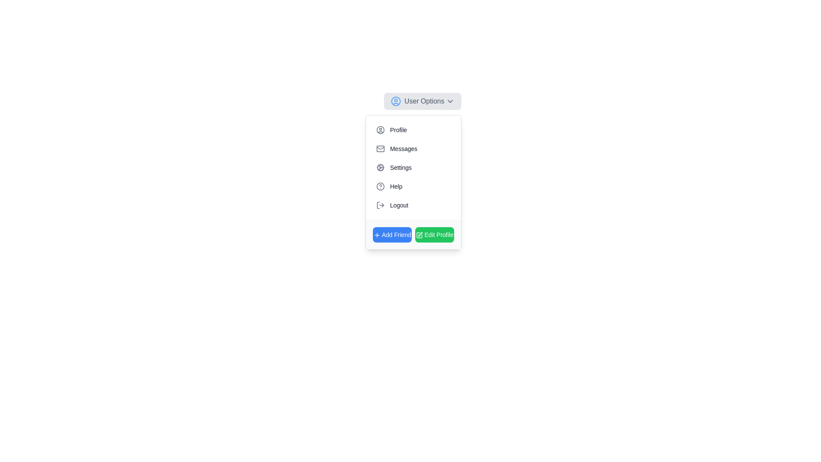 This screenshot has width=821, height=462. What do you see at coordinates (413, 148) in the screenshot?
I see `the navigation button for accessing the 'Messages' section of the application` at bounding box center [413, 148].